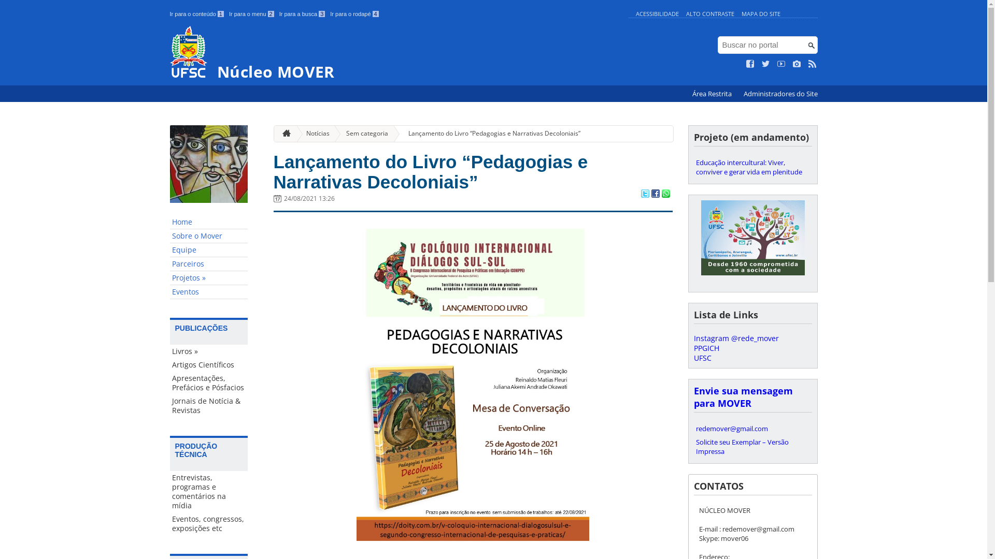  Describe the element at coordinates (208, 292) in the screenshot. I see `'Eventos'` at that location.